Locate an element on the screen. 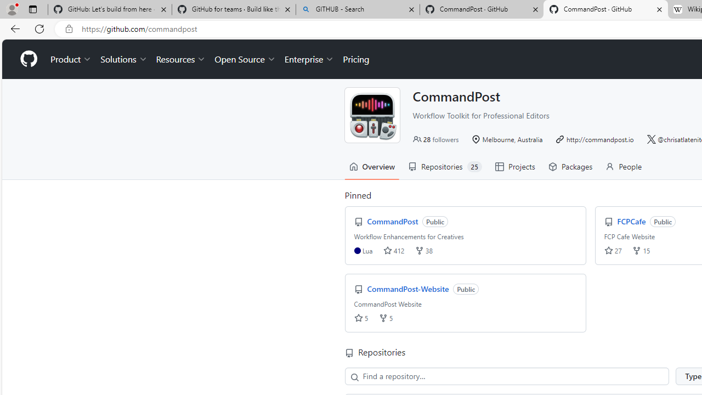  'CommandPost' is located at coordinates (394, 221).